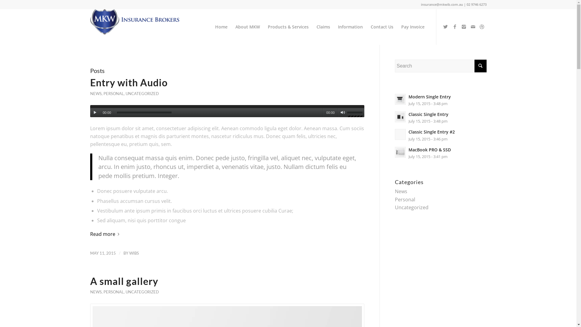  I want to click on 'Mute', so click(343, 112).